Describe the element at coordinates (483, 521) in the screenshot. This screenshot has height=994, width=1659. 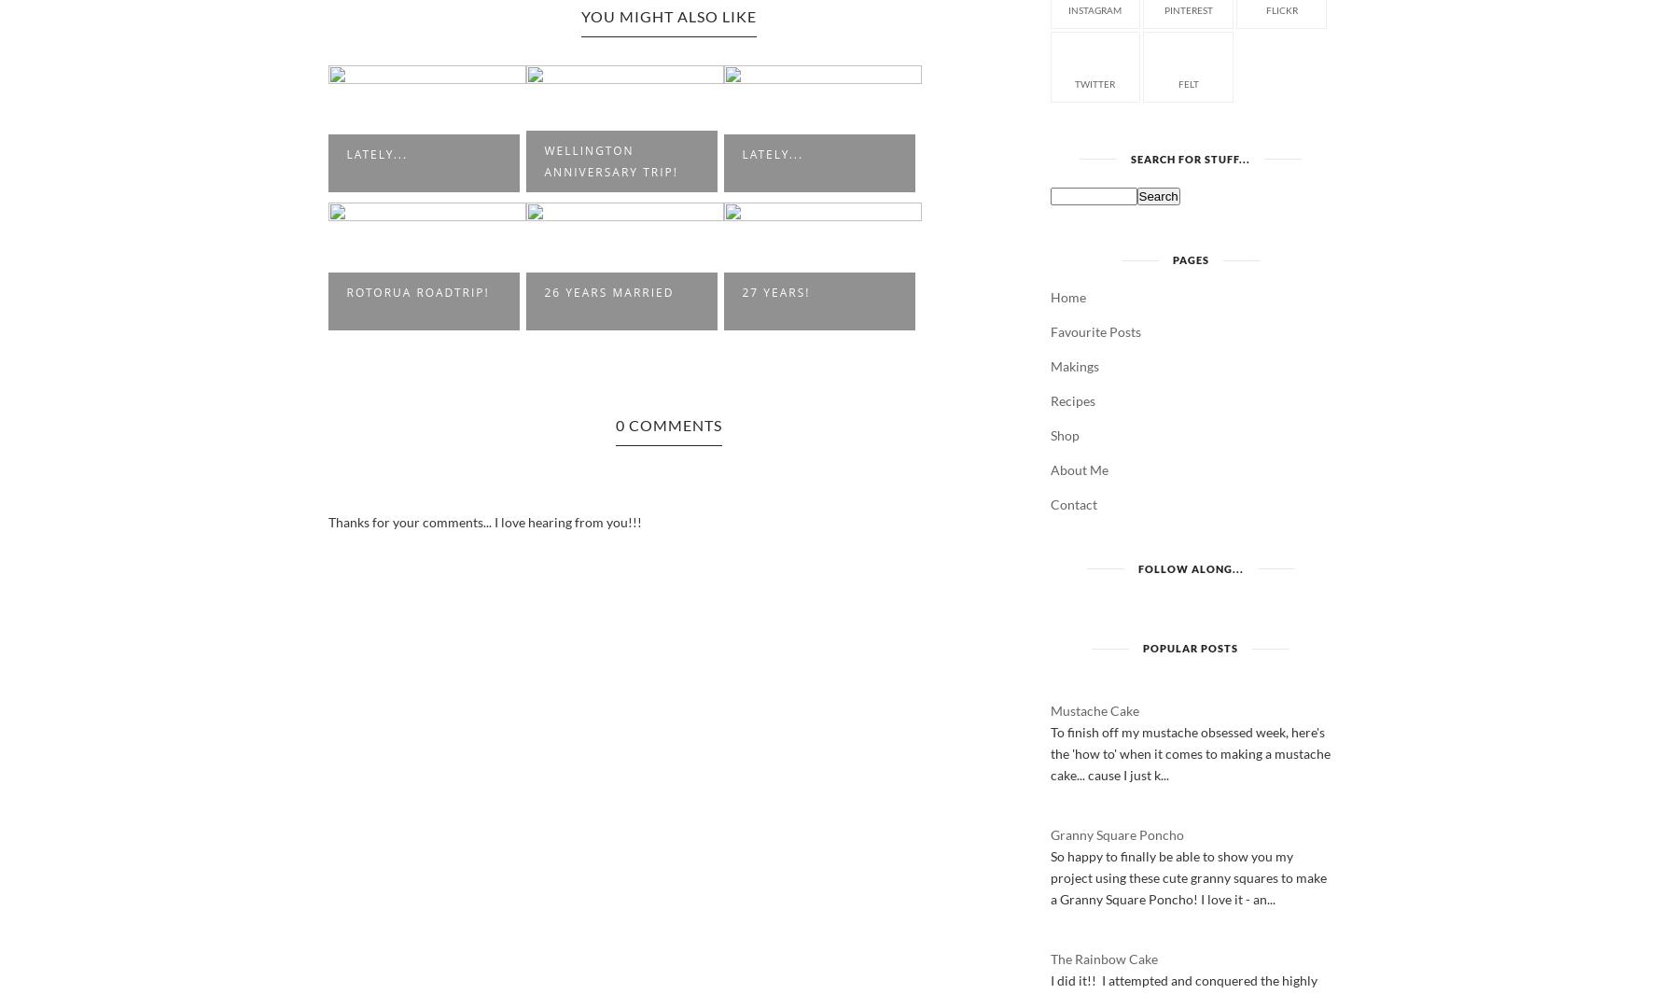
I see `'Thanks for your comments... I love hearing from you!!!'` at that location.